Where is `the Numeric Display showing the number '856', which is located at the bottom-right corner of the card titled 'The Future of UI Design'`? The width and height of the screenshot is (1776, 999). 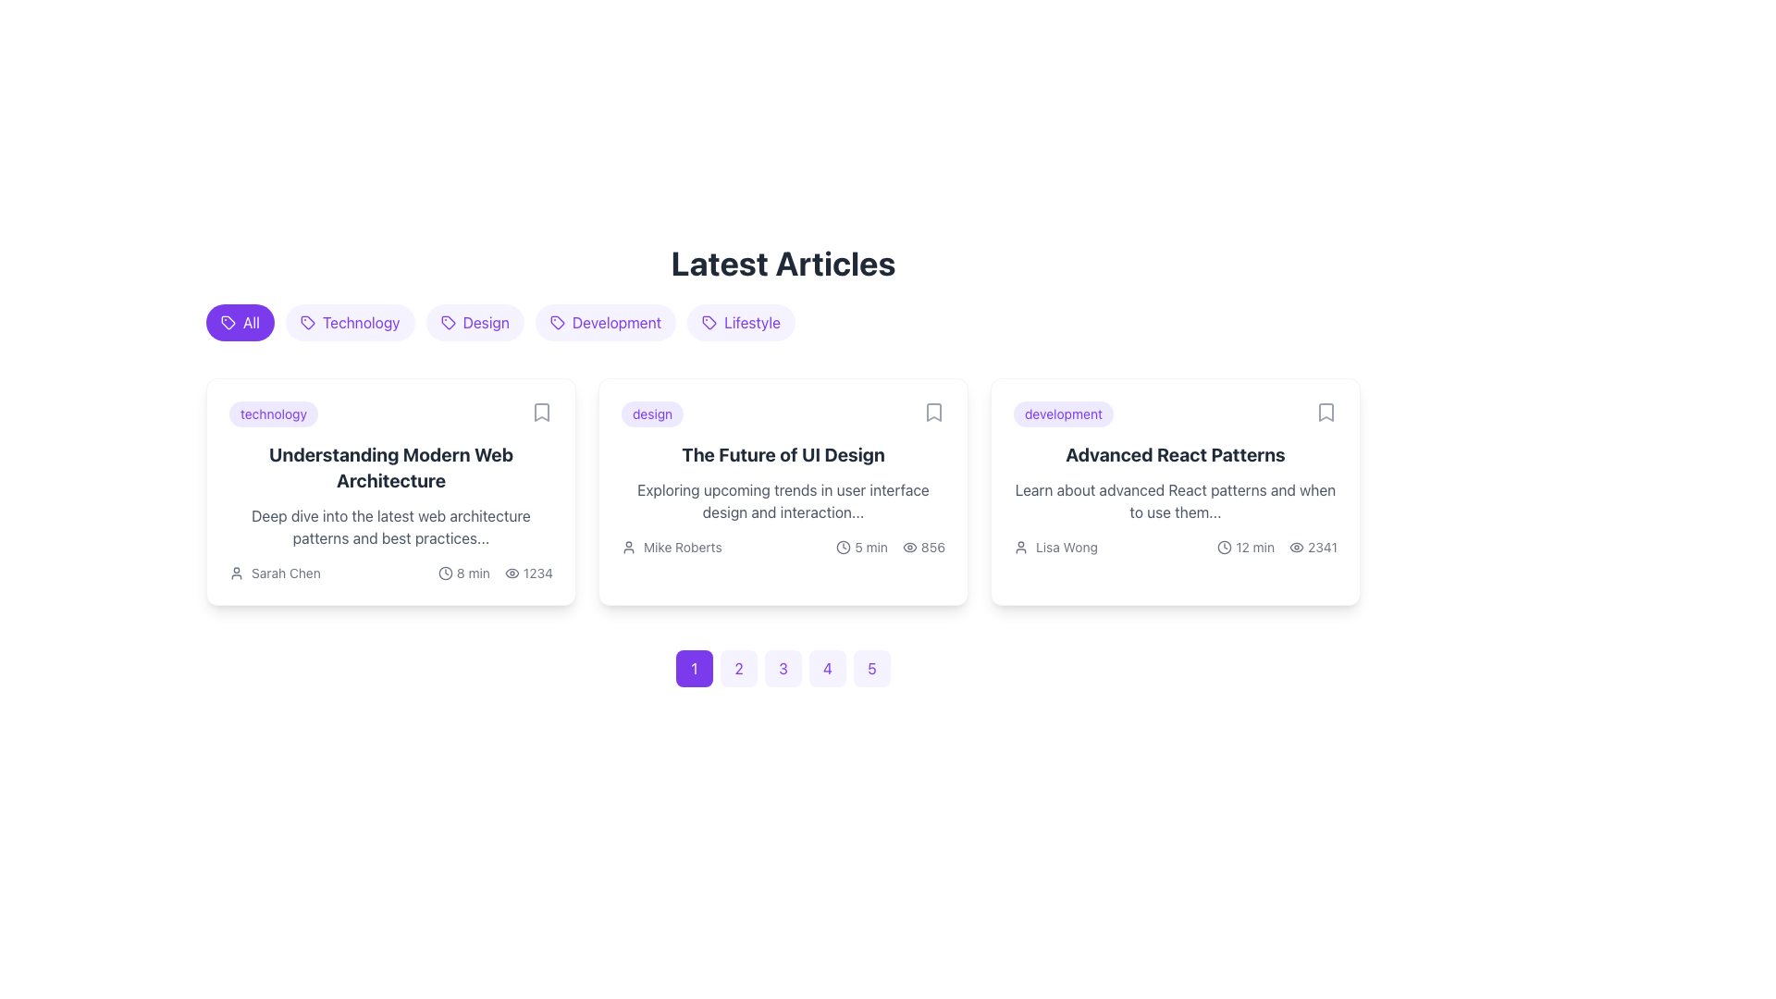
the Numeric Display showing the number '856', which is located at the bottom-right corner of the card titled 'The Future of UI Design' is located at coordinates (932, 546).